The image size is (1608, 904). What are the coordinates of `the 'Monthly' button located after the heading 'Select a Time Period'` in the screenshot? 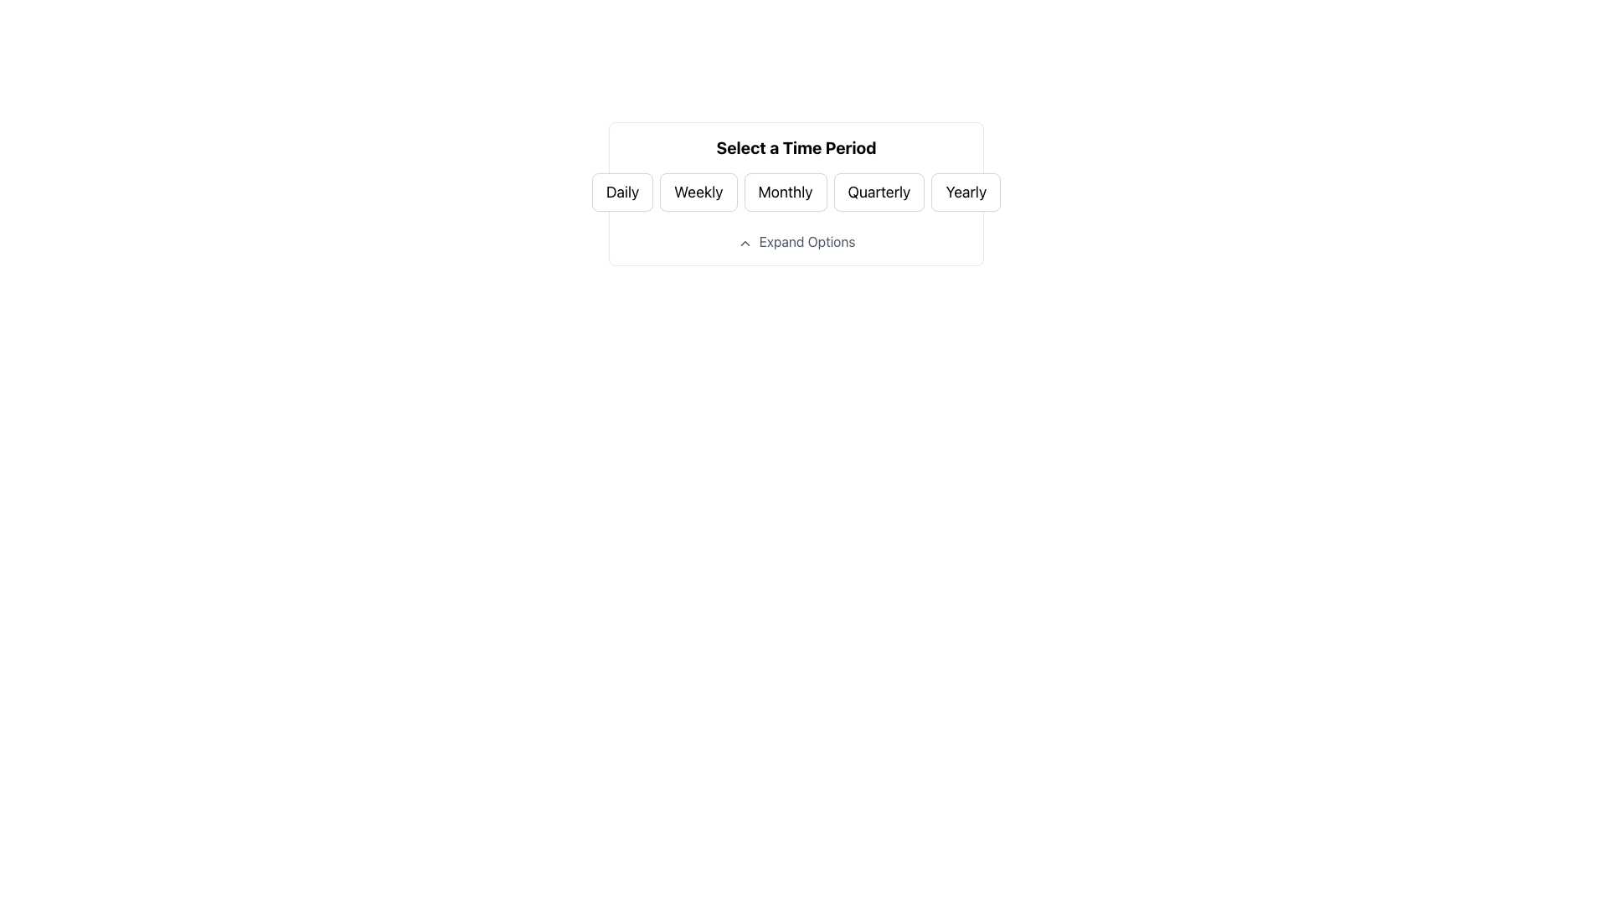 It's located at (795, 192).